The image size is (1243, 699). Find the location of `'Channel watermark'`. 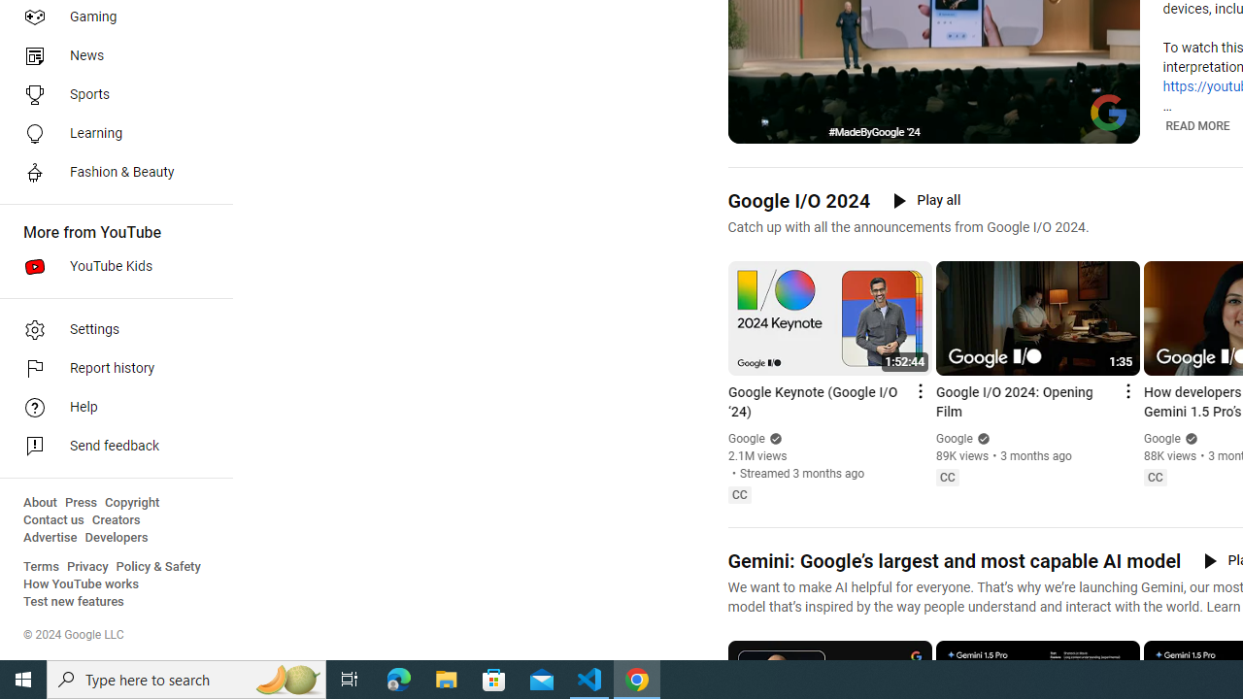

'Channel watermark' is located at coordinates (1108, 112).